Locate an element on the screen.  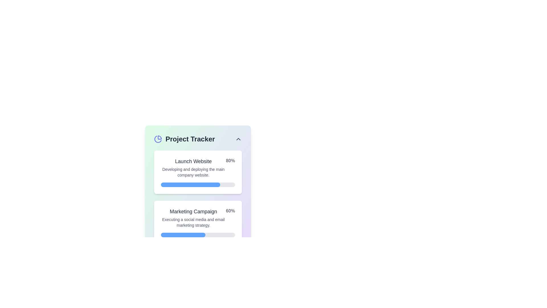
the text label at the top of the 'Marketing Campaign' card, which serves as a title summarizing the card's content is located at coordinates (193, 211).